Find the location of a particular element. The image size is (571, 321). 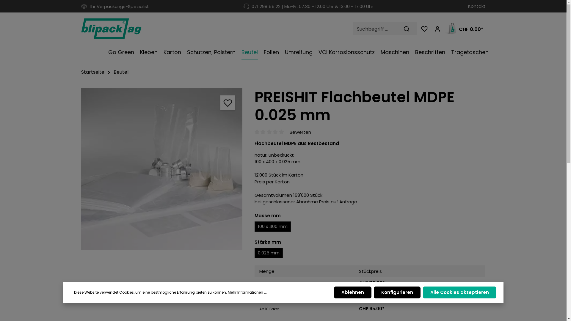

'pe_flachbeutel' is located at coordinates (161, 169).